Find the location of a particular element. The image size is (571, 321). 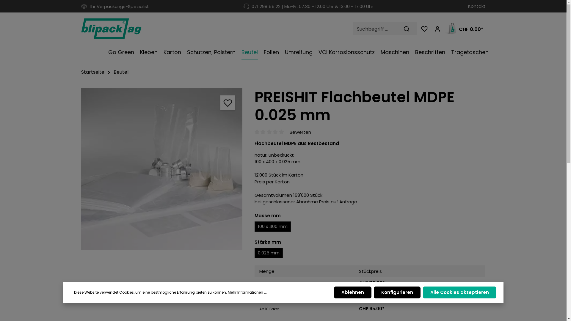

'pe_flachbeutel' is located at coordinates (161, 169).